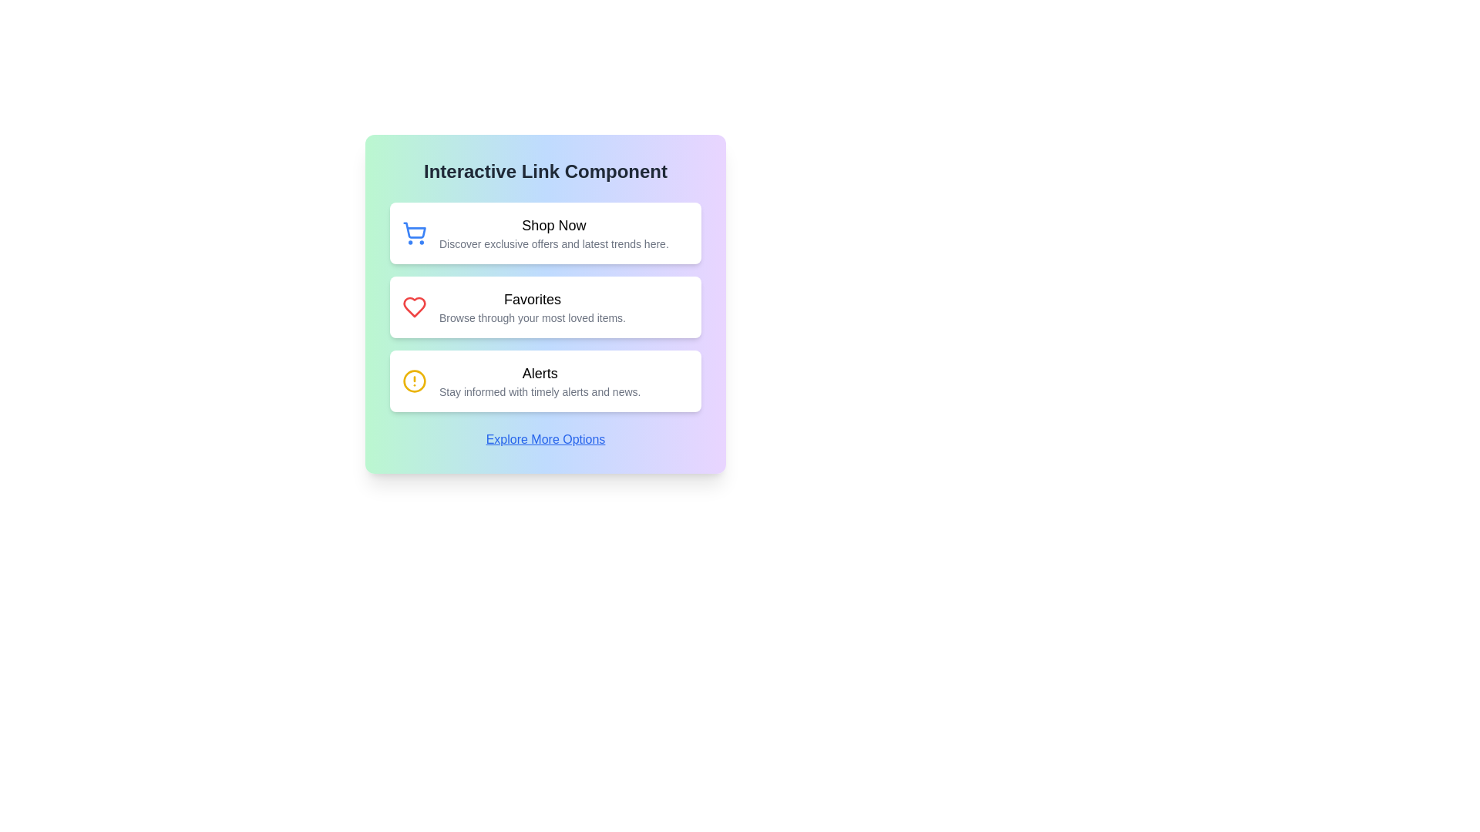 The width and height of the screenshot is (1480, 832). Describe the element at coordinates (546, 307) in the screenshot. I see `the Clickable Card element labeled 'Favorites', which features a heart icon and descriptive text, located in the middle of a vertical stack of similar elements` at that location.